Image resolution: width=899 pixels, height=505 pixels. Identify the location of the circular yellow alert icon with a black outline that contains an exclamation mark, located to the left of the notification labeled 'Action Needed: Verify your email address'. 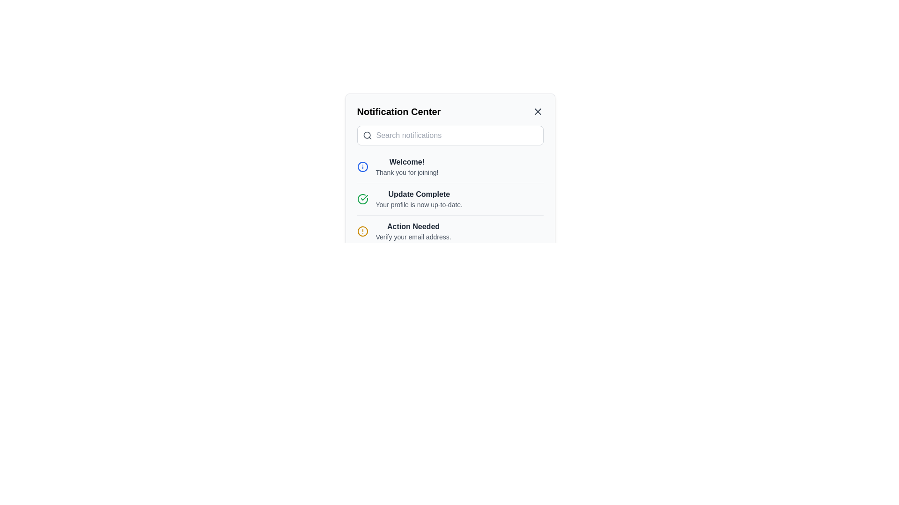
(362, 231).